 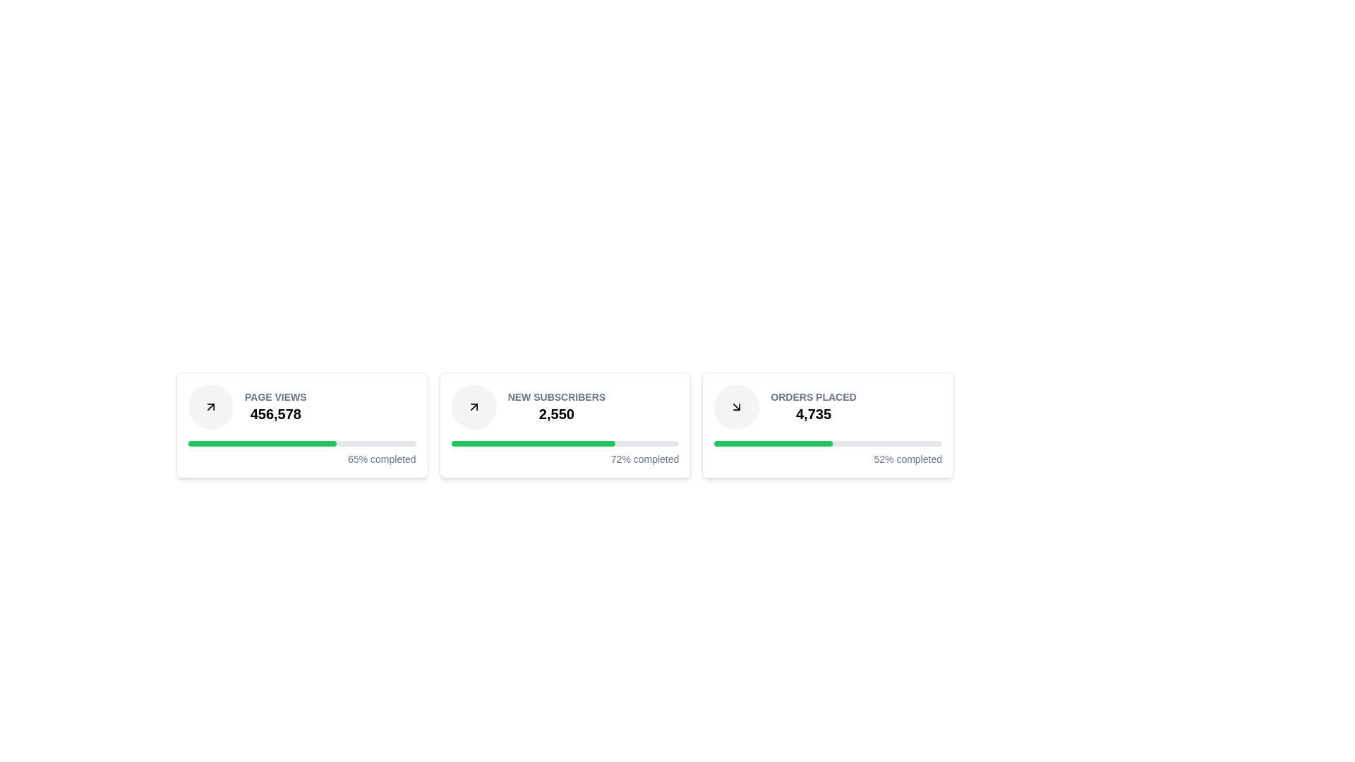 I want to click on the circular Icon button with a light gray background and a black upward-right arrow icon, so click(x=474, y=407).